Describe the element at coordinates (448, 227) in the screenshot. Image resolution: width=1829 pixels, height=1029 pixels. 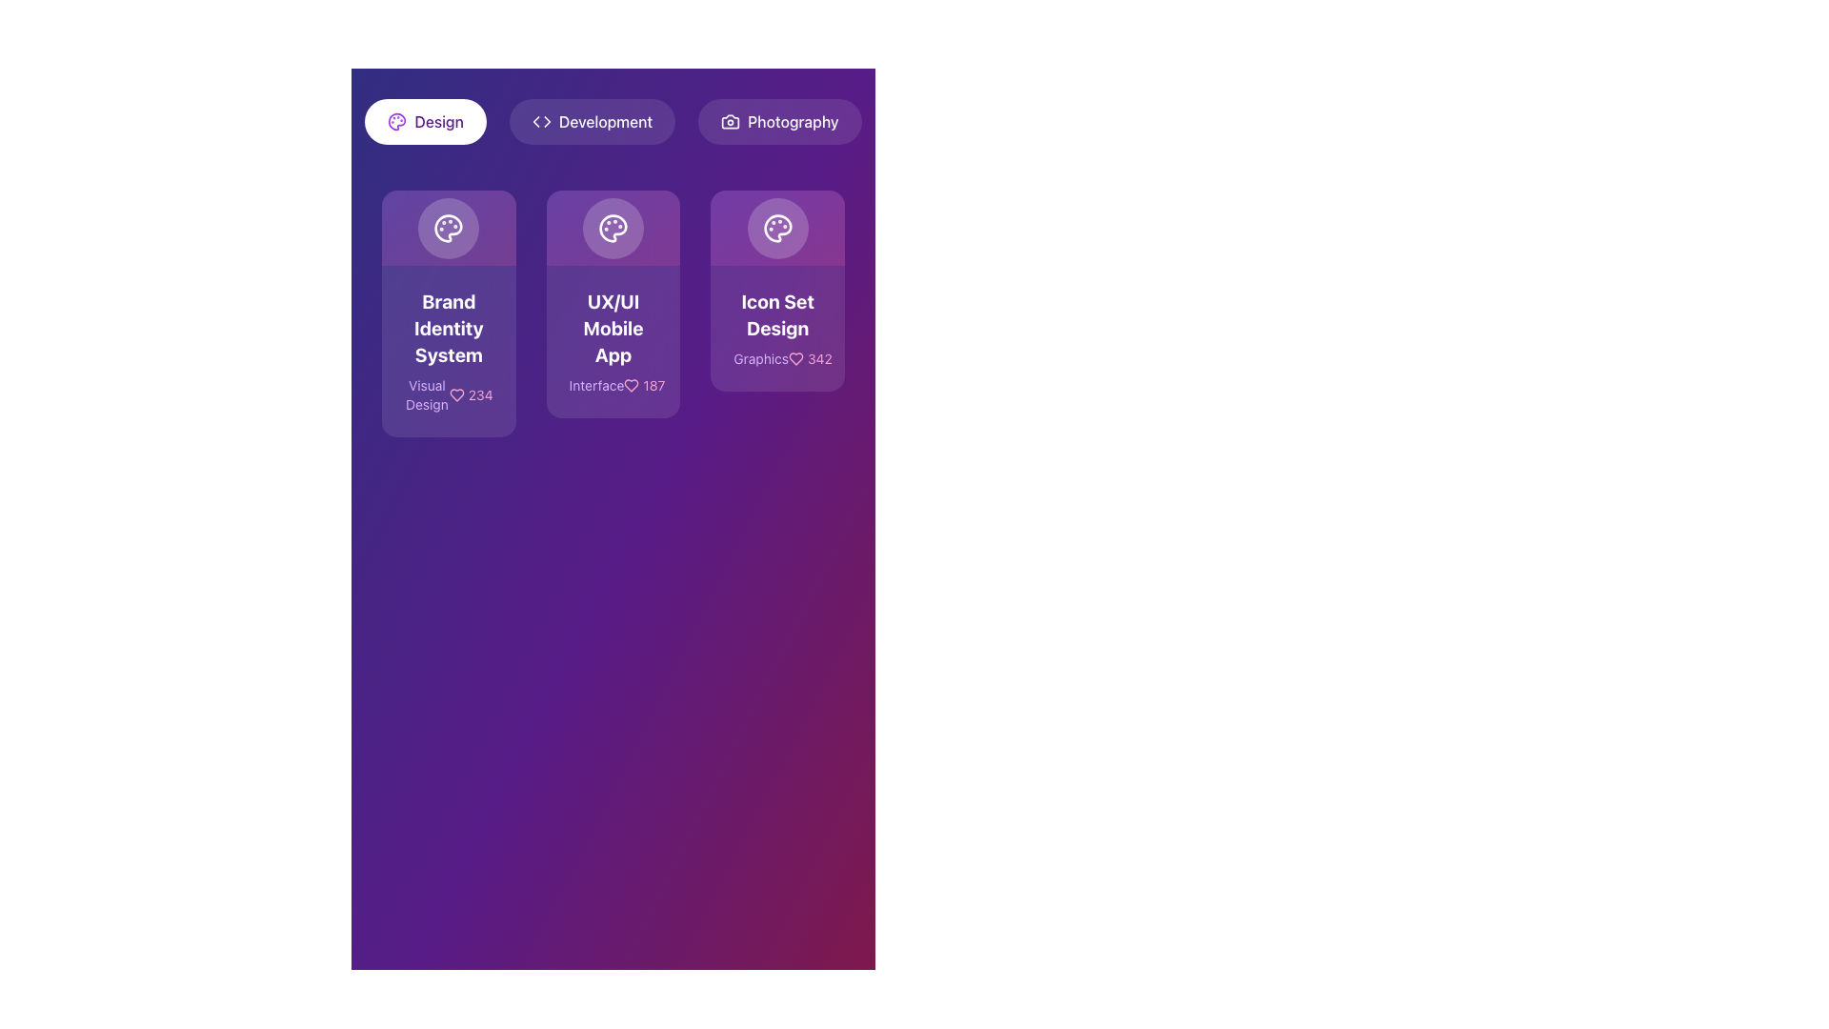
I see `the graphical icon at the top-center of the first card in the grid, which represents the 'Brand Identity System' theme` at that location.